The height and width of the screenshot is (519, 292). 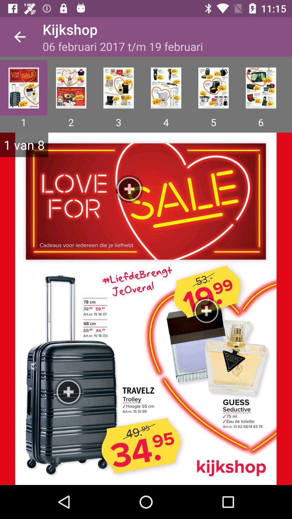 What do you see at coordinates (71, 88) in the screenshot?
I see `the app below 06 februari 2017 item` at bounding box center [71, 88].